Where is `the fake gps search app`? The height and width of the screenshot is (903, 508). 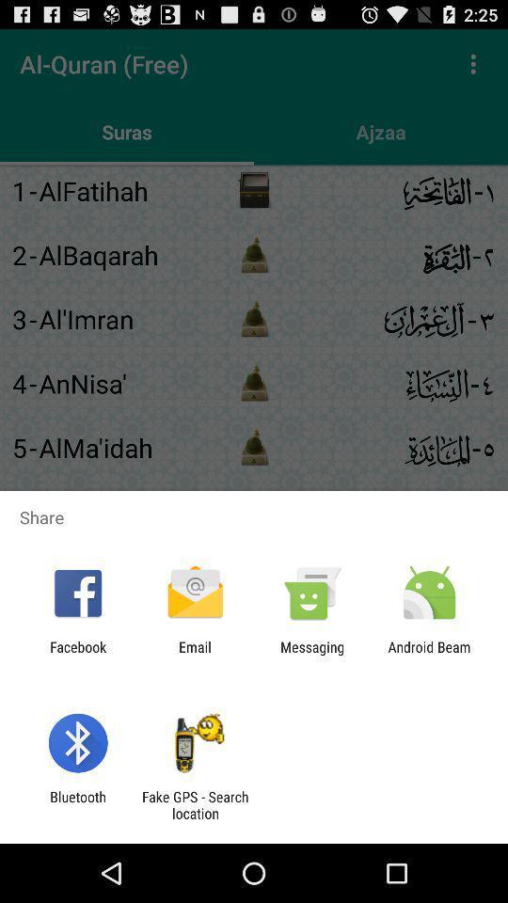 the fake gps search app is located at coordinates (194, 804).